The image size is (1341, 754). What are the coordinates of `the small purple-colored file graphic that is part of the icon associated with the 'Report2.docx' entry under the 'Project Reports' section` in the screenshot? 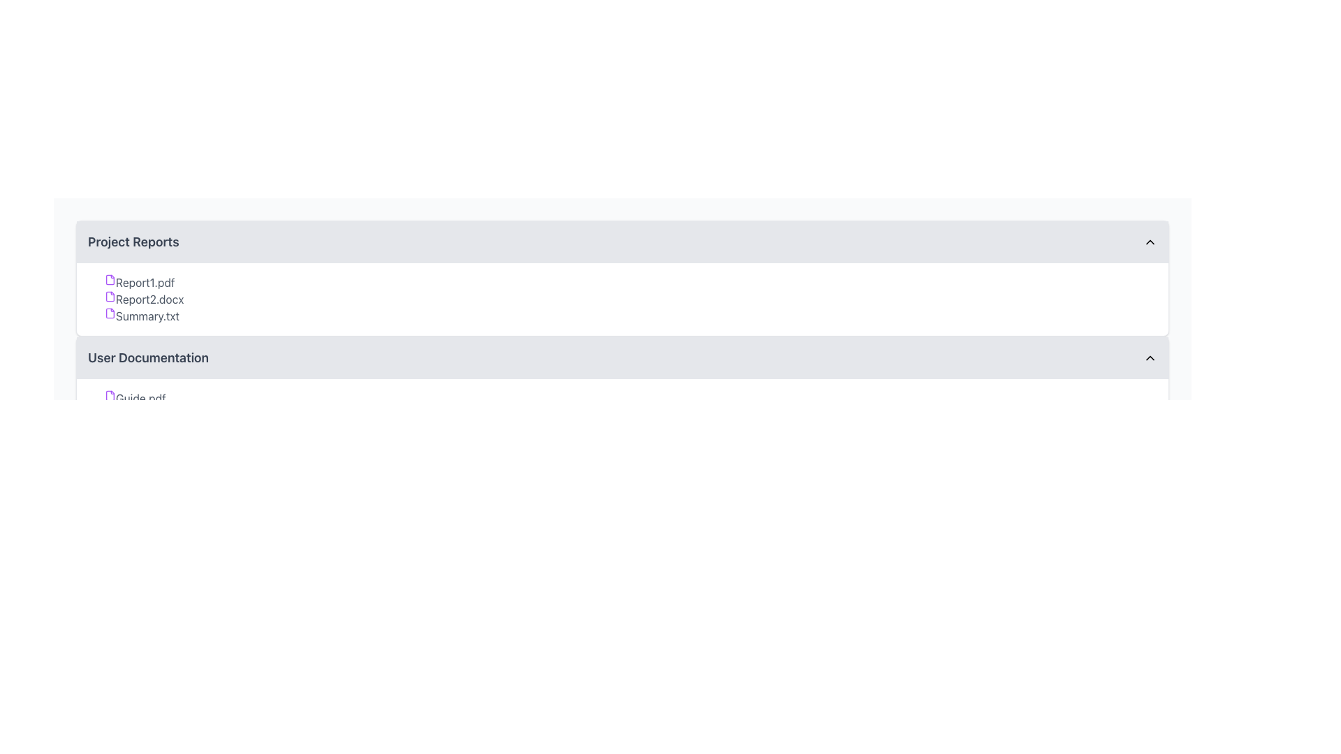 It's located at (110, 295).